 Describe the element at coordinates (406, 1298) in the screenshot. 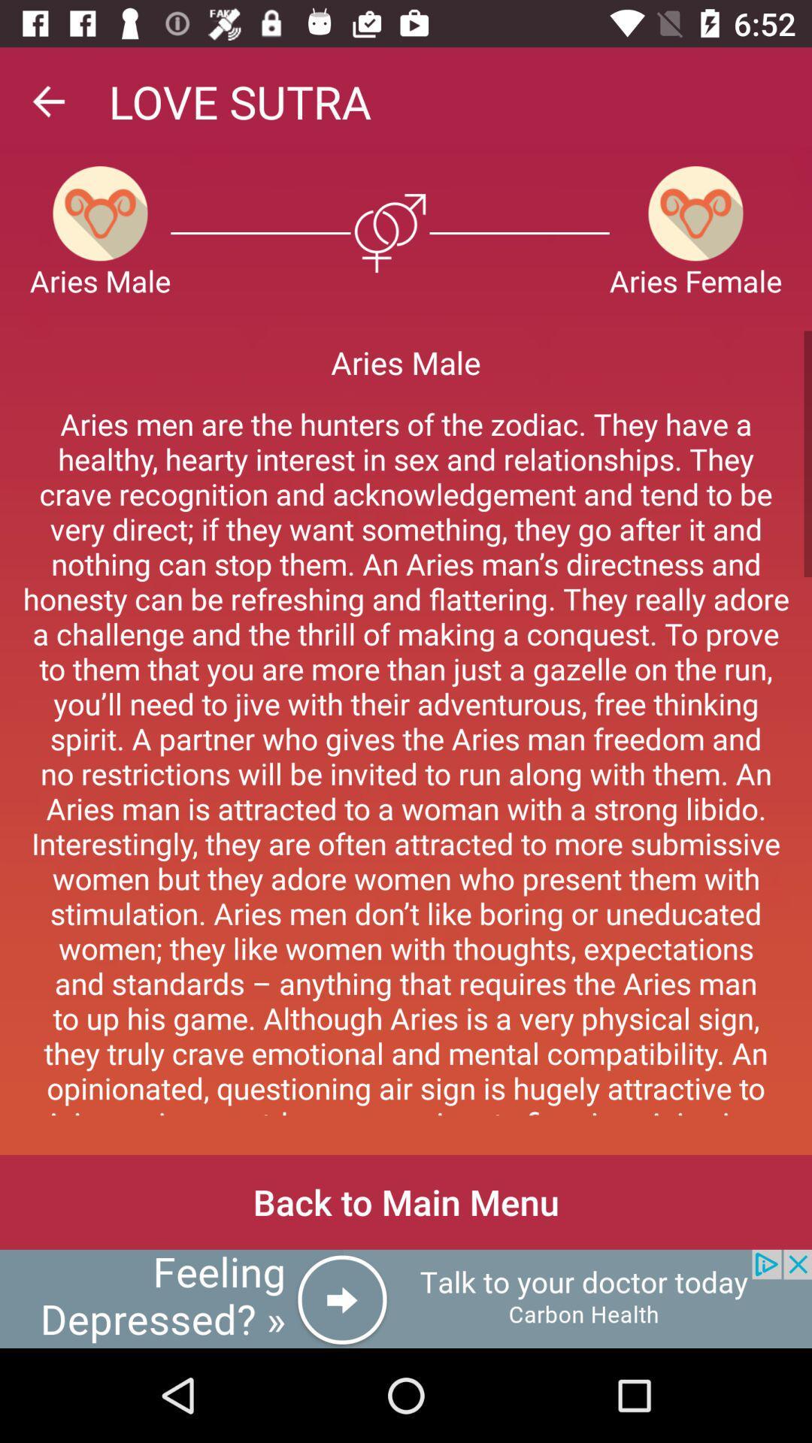

I see `click the advertisement` at that location.